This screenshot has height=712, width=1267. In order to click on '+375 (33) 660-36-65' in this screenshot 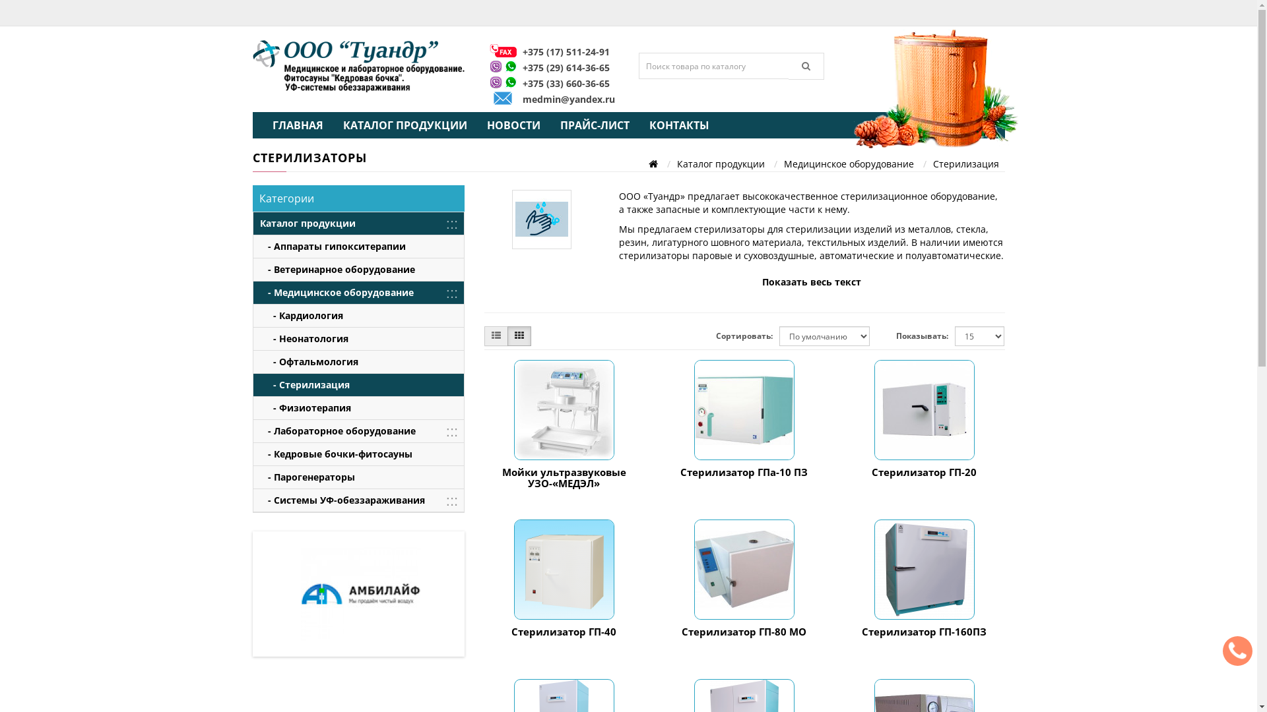, I will do `click(566, 83)`.